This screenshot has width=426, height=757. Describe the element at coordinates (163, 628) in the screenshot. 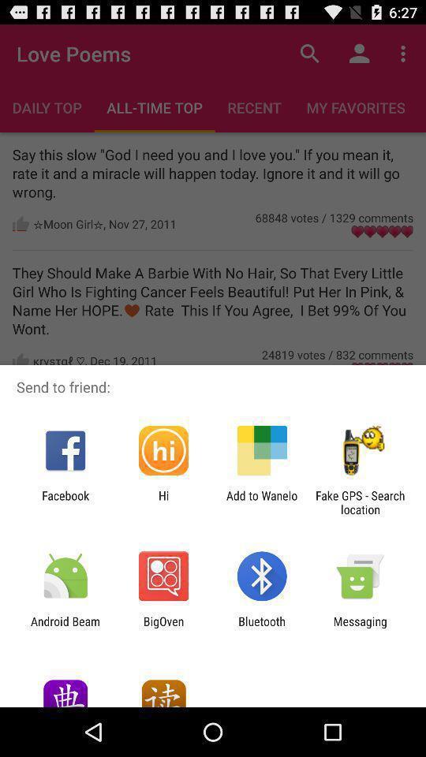

I see `icon to the left of the bluetooth` at that location.